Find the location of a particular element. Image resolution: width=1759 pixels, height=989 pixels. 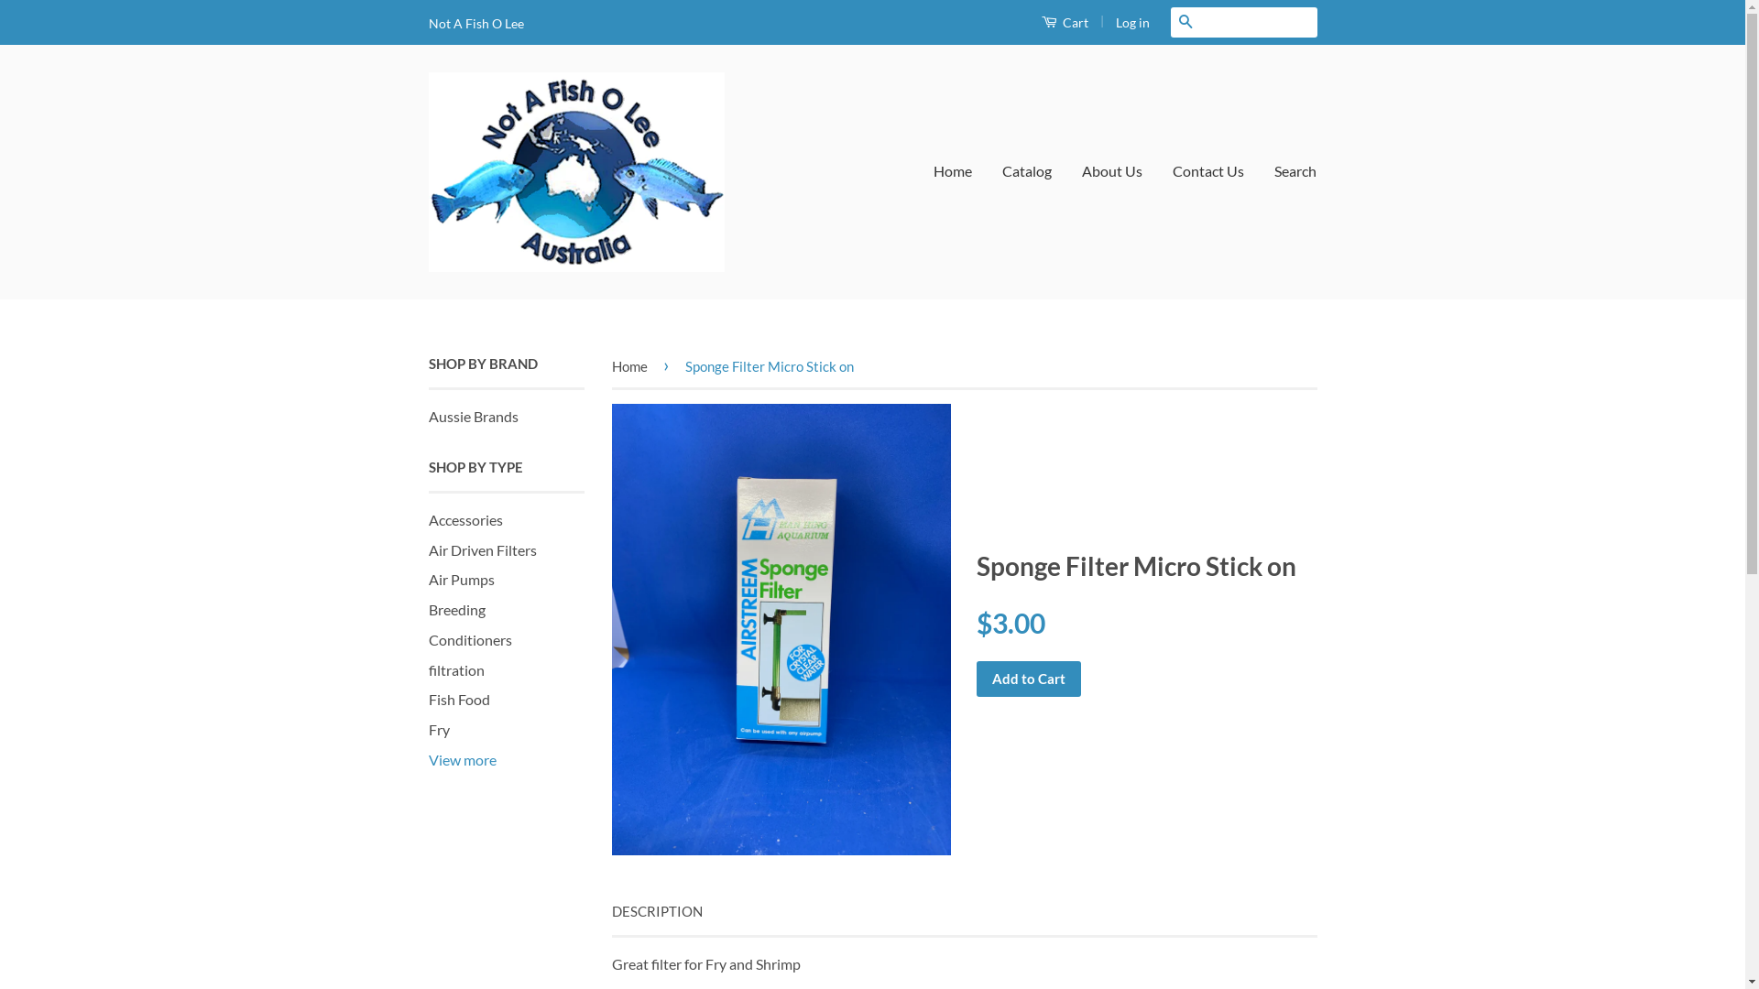

'filtration' is located at coordinates (456, 669).